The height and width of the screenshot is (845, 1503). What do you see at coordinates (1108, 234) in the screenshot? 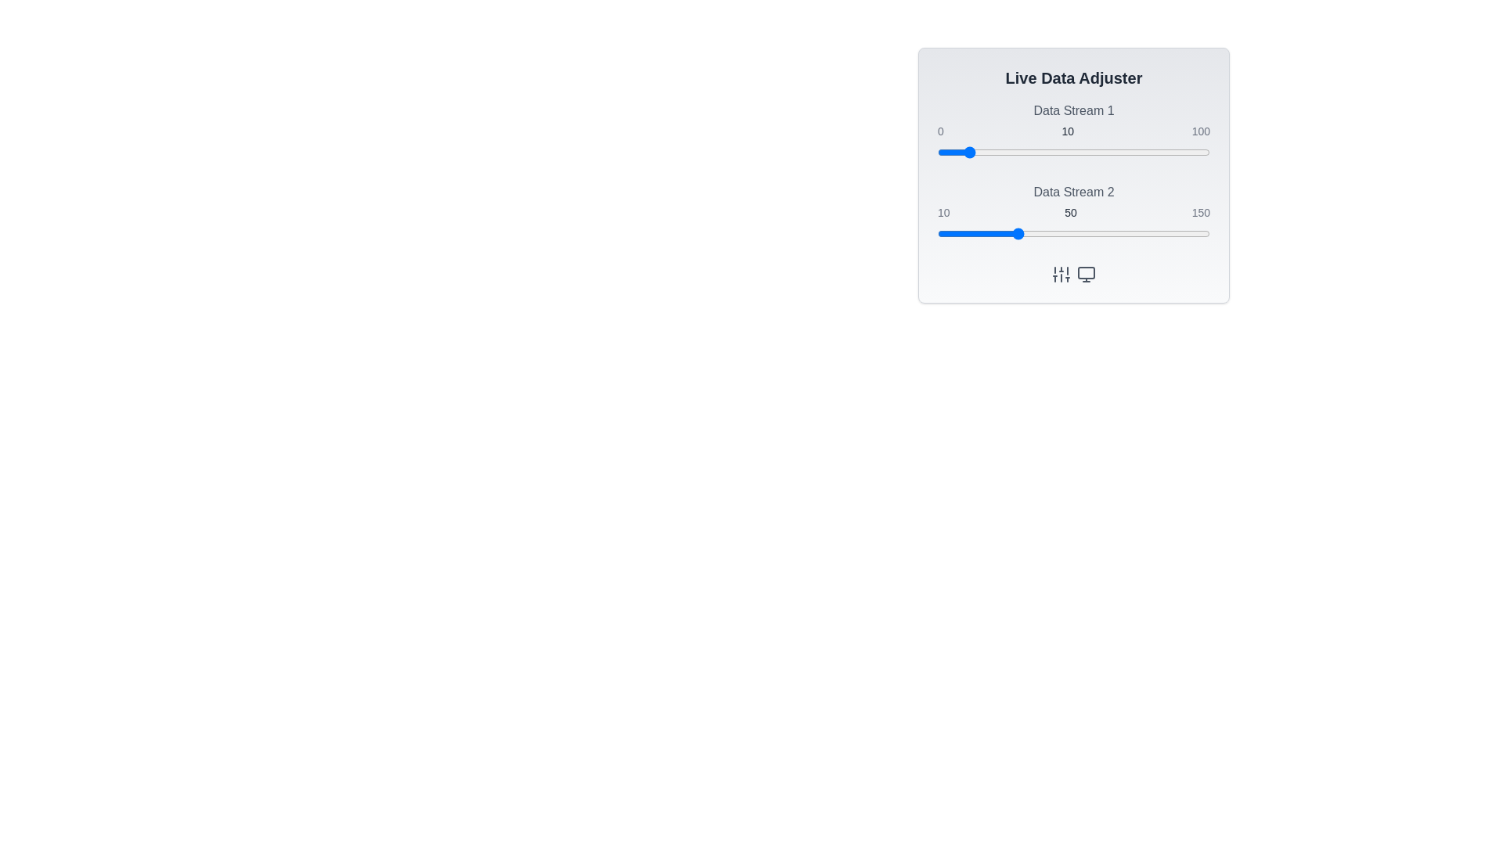
I see `the Data Stream 2 value` at bounding box center [1108, 234].